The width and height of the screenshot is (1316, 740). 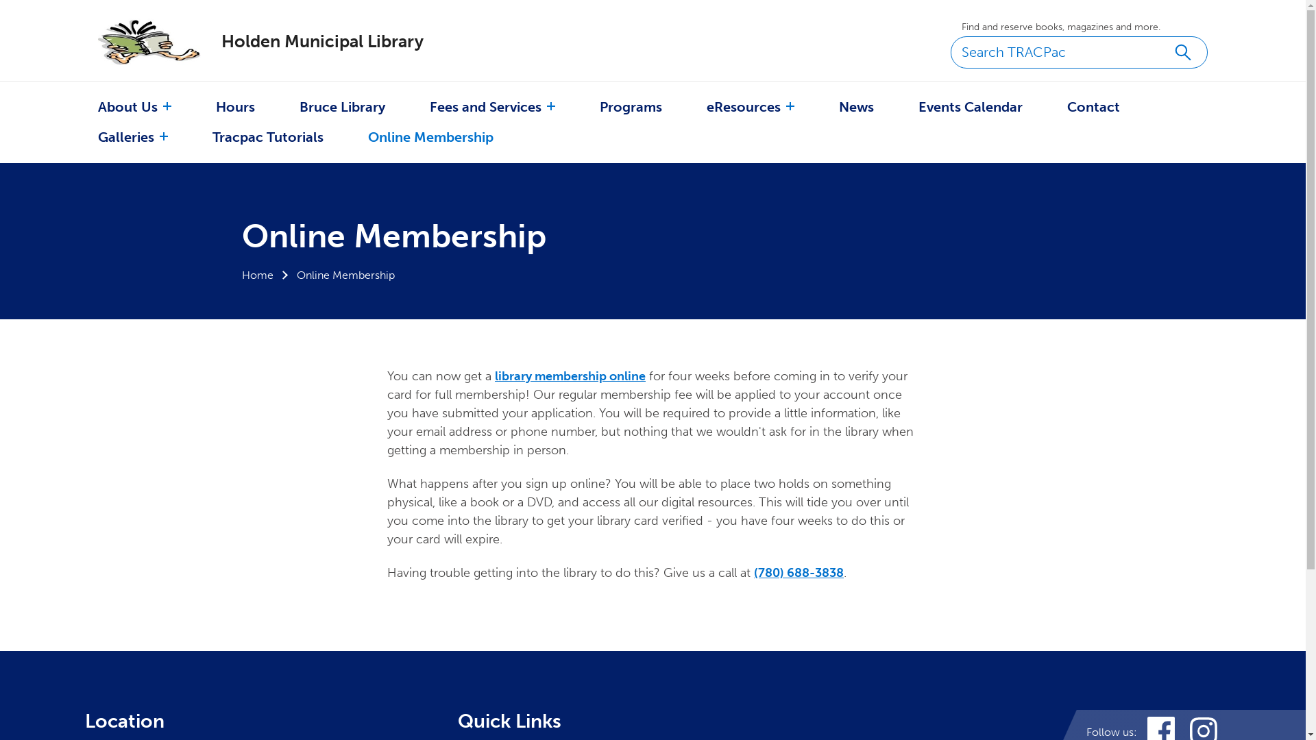 I want to click on 'Contact', so click(x=1093, y=106).